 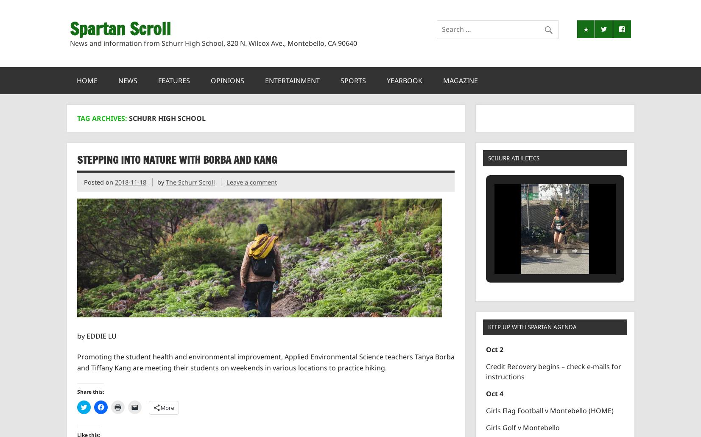 I want to click on 'Tag Archives:', so click(x=76, y=118).